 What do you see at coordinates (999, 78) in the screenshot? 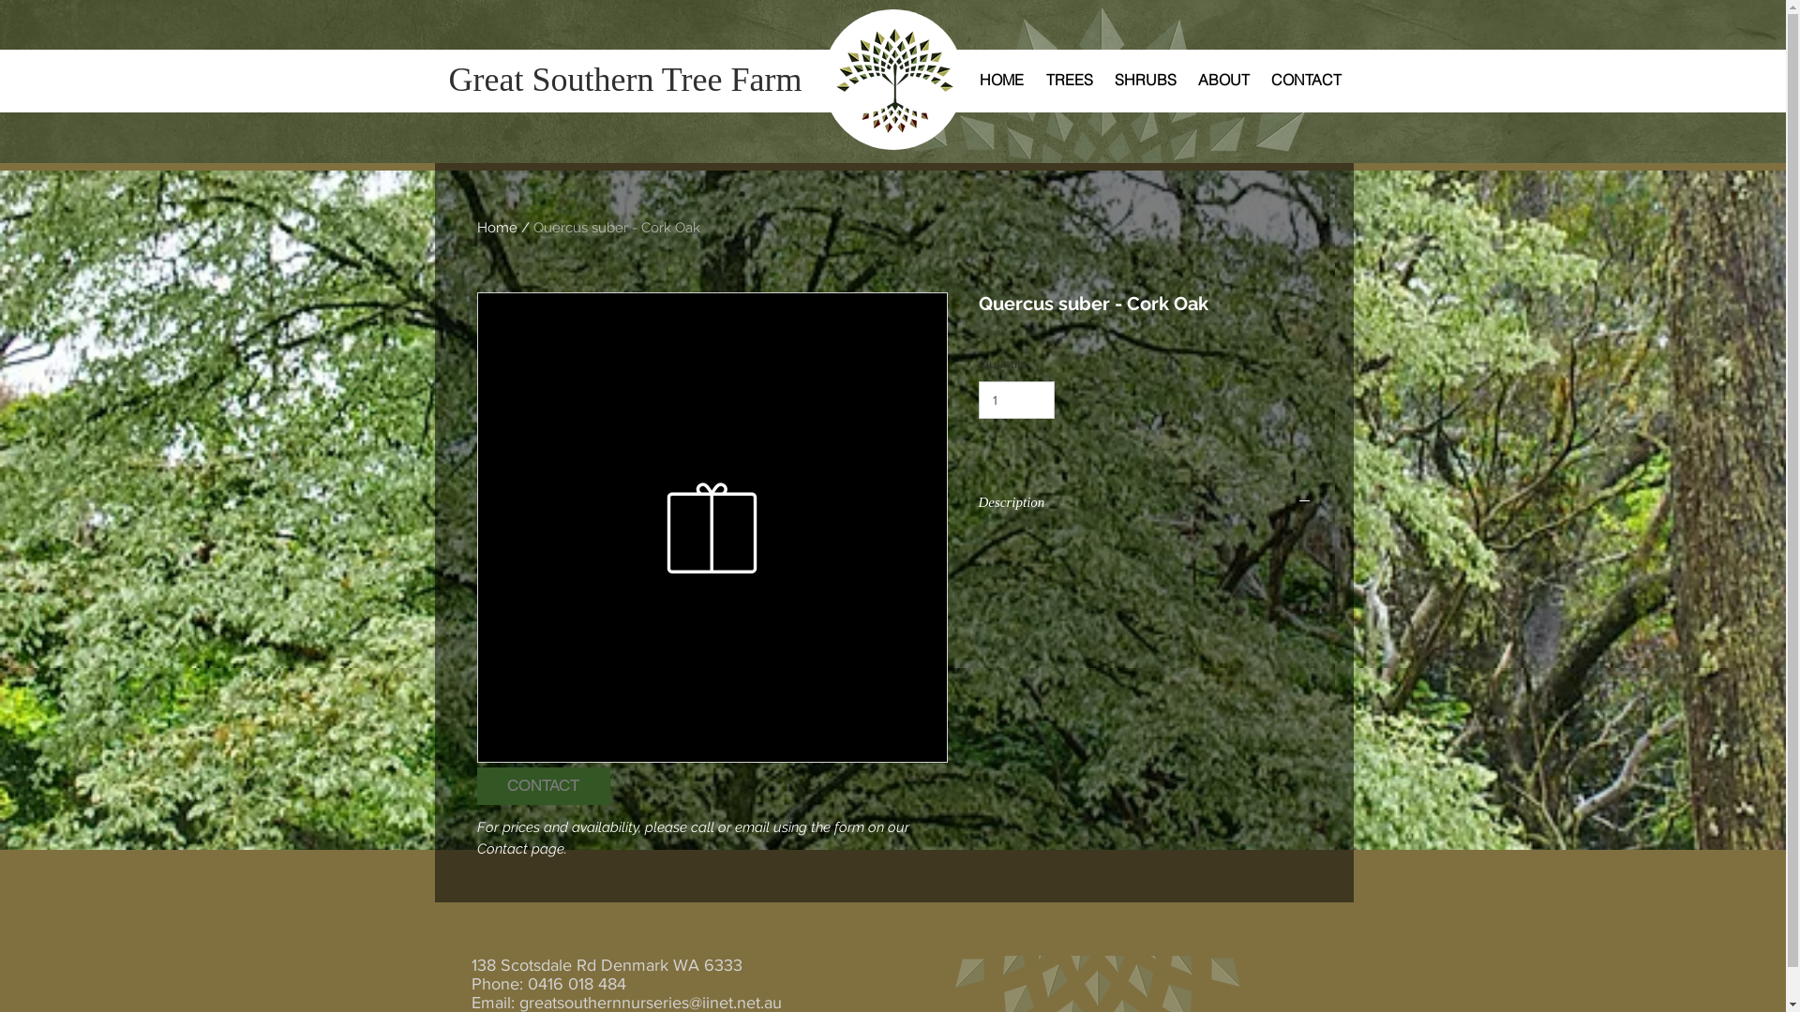
I see `'HOME'` at bounding box center [999, 78].